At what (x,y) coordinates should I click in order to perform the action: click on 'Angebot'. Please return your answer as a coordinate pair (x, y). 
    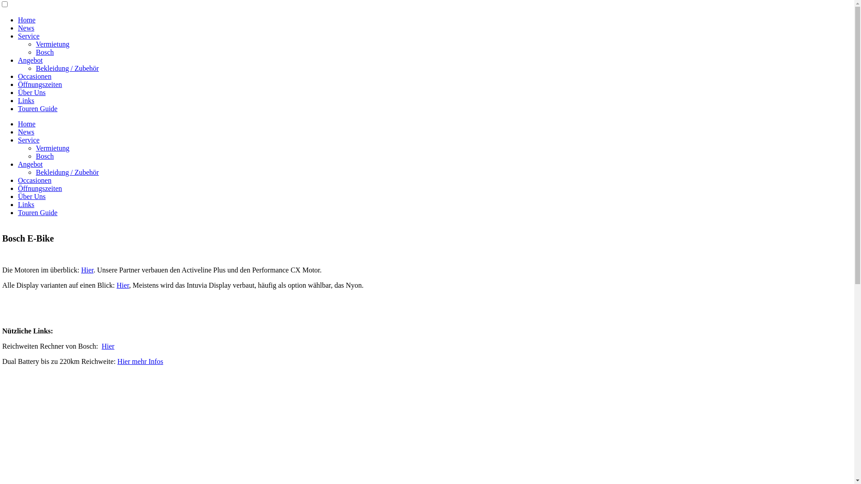
    Looking at the image, I should click on (30, 164).